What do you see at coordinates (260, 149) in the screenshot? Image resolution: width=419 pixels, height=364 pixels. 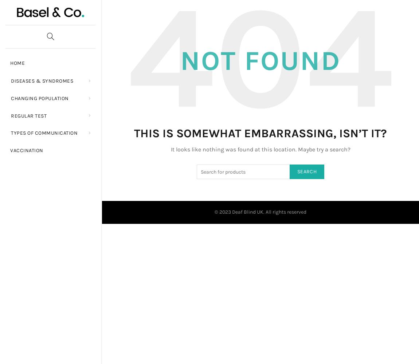 I see `'It looks like nothing was found at this location. Maybe try a search?'` at bounding box center [260, 149].